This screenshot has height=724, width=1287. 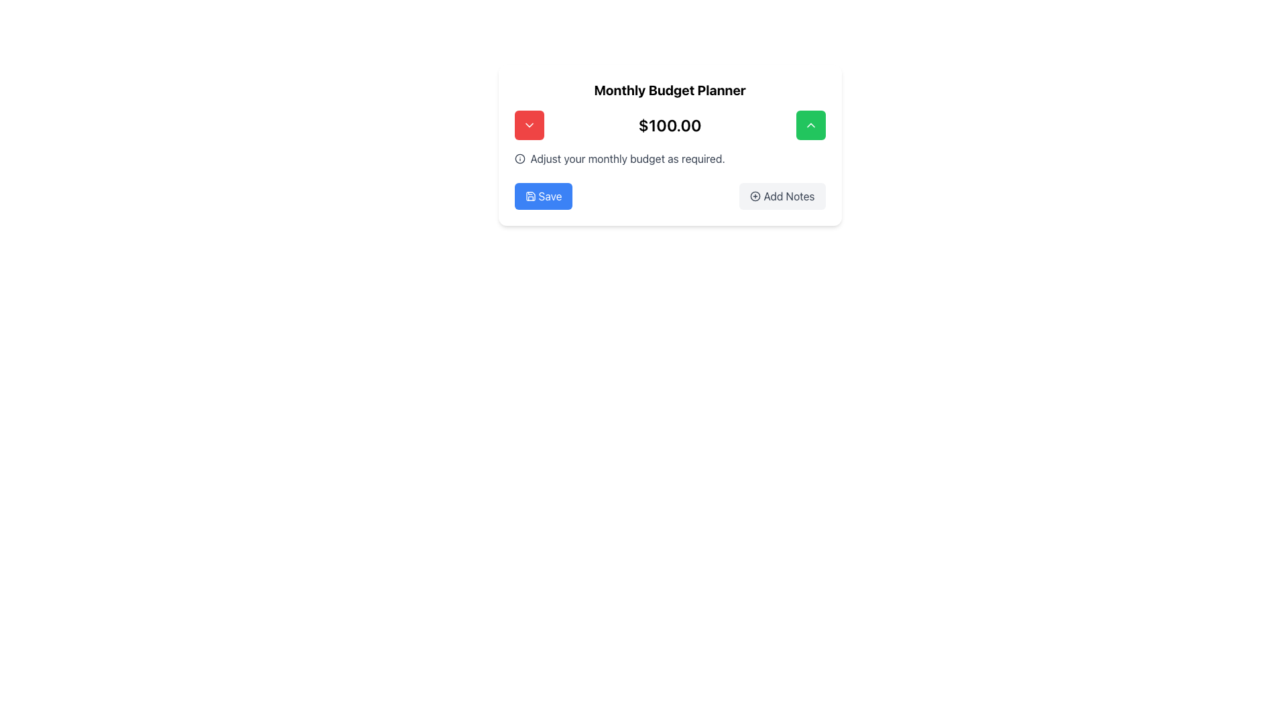 I want to click on the chevron SVG icon within the left red button in the Monthly Budget Planner interface, so click(x=528, y=125).